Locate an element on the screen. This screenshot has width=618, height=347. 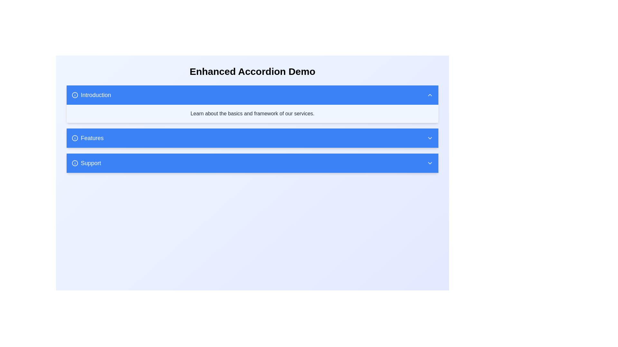
the 'Introduction' section title in the interactive accordion interface for accessibility navigation is located at coordinates (95, 95).